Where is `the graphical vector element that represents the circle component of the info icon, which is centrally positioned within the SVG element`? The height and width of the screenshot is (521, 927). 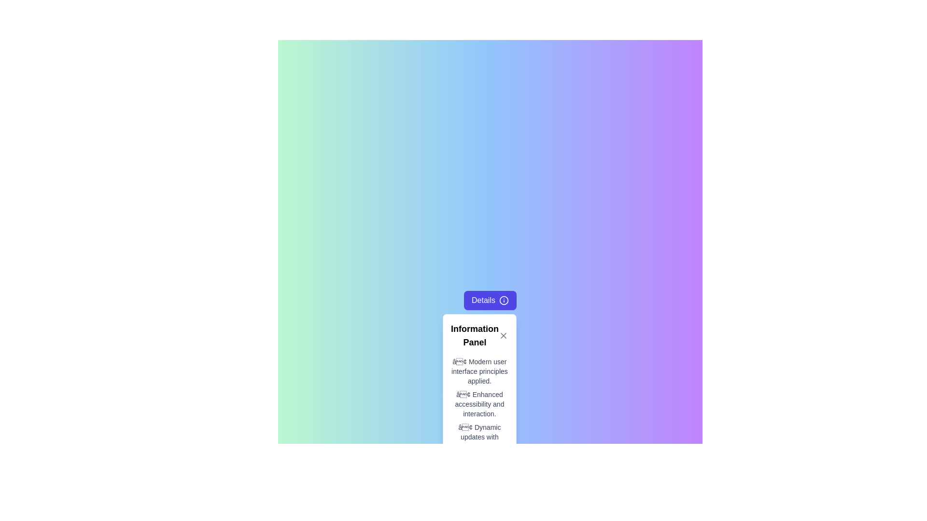 the graphical vector element that represents the circle component of the info icon, which is centrally positioned within the SVG element is located at coordinates (503, 300).